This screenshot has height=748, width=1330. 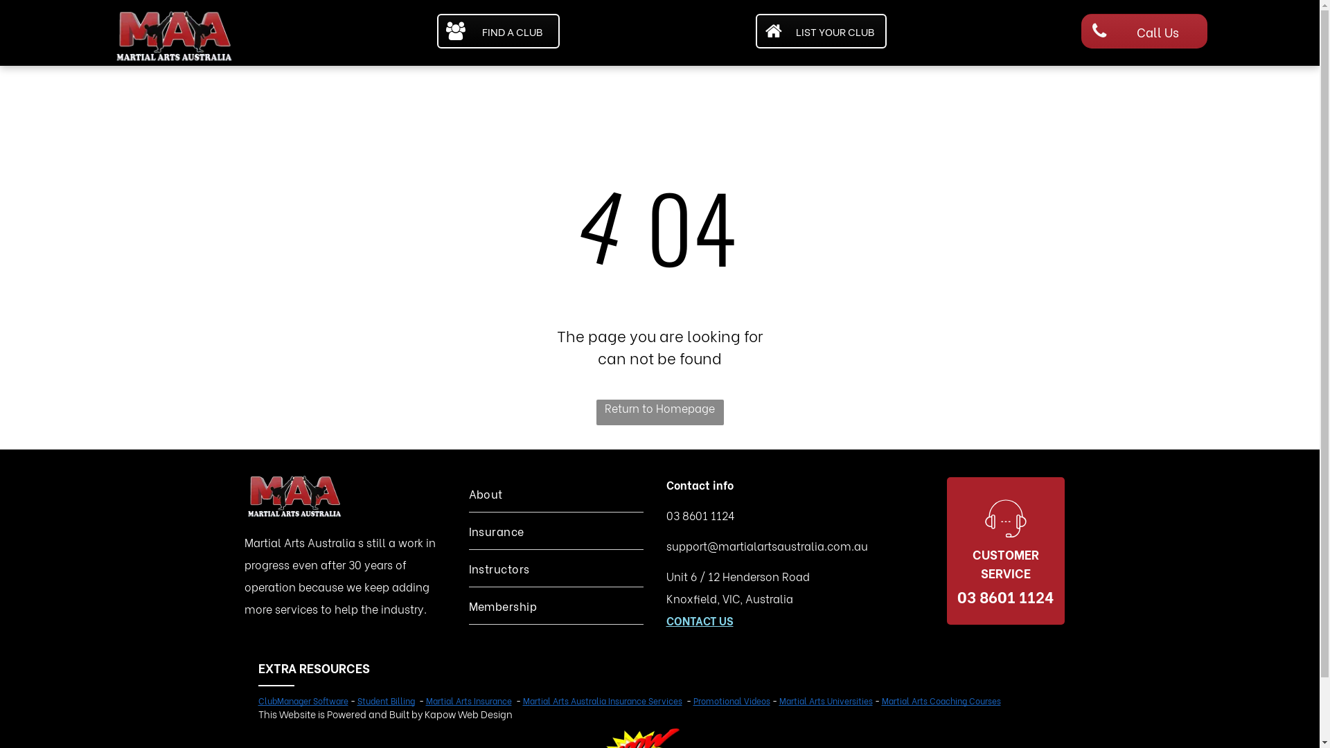 What do you see at coordinates (692, 700) in the screenshot?
I see `'Promotional Videos'` at bounding box center [692, 700].